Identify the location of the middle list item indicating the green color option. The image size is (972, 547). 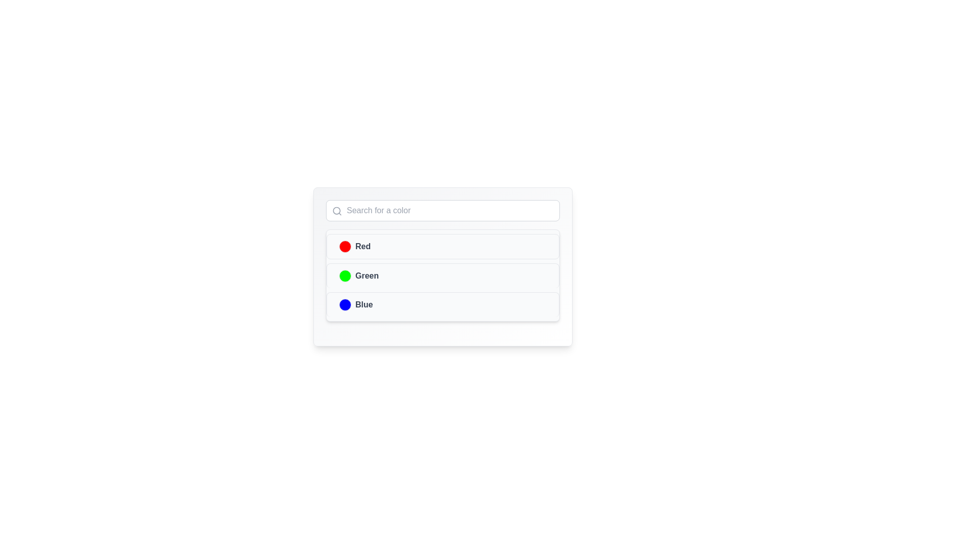
(442, 276).